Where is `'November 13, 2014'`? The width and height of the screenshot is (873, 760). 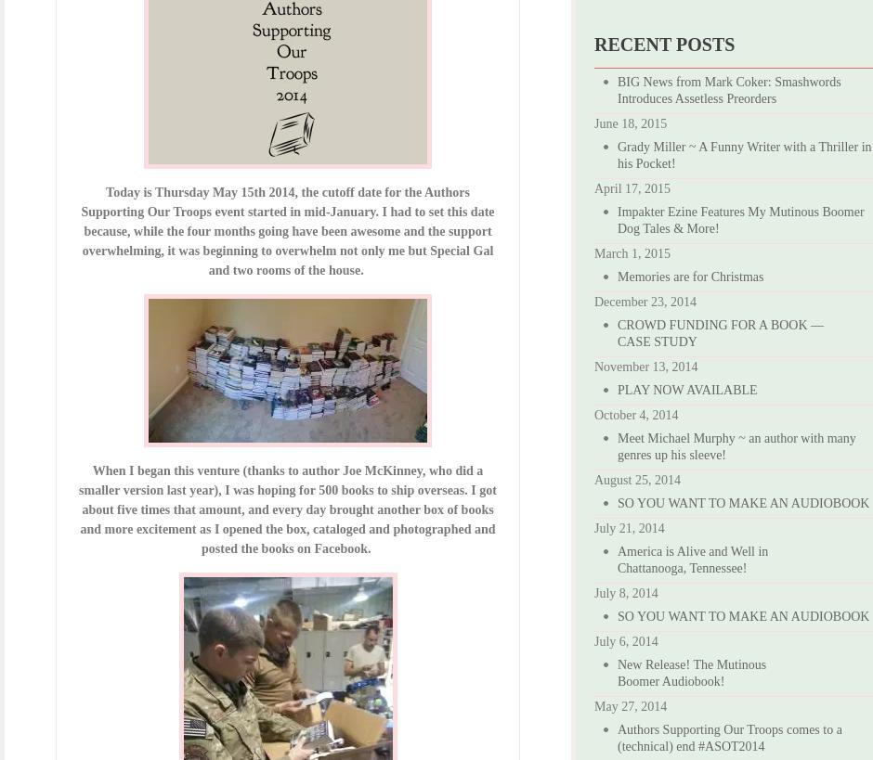
'November 13, 2014' is located at coordinates (645, 366).